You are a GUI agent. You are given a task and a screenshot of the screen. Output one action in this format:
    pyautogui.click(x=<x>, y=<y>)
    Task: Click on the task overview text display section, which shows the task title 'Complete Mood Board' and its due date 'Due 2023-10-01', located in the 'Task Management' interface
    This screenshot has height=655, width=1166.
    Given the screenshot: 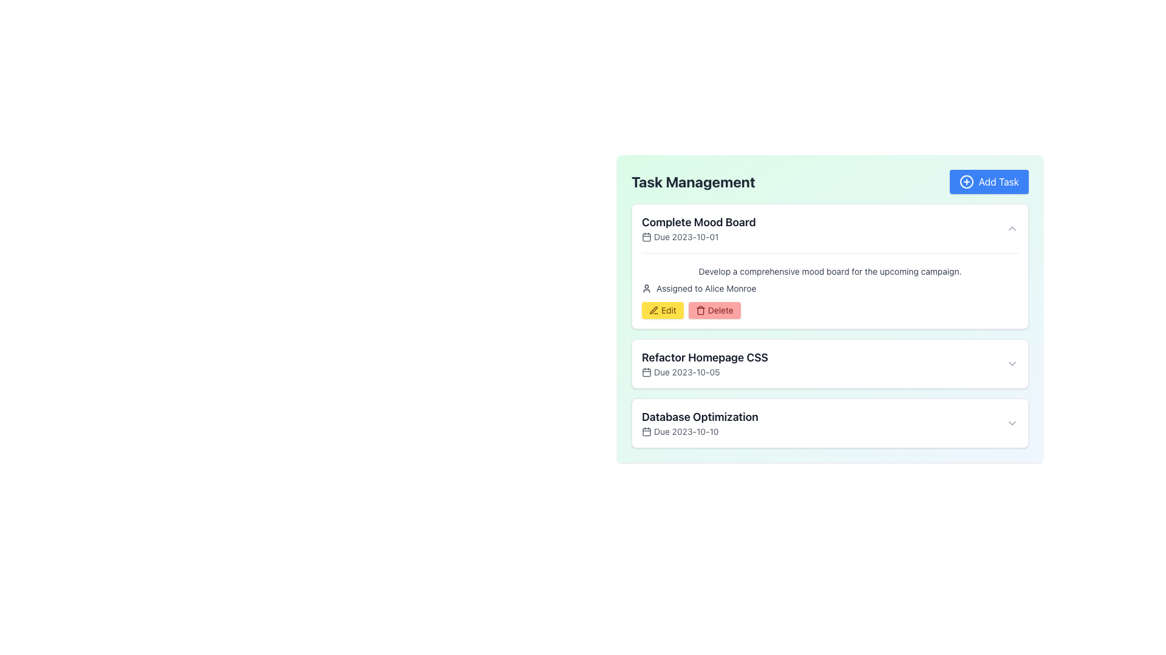 What is the action you would take?
    pyautogui.click(x=698, y=229)
    